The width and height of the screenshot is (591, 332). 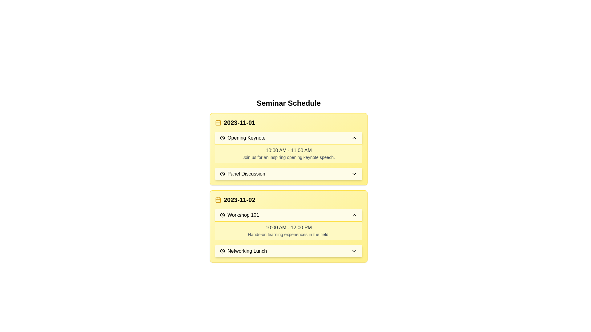 I want to click on the time-related icon located to the left of the 'Workshop 101' text in the '2023-11-02' block, so click(x=222, y=215).